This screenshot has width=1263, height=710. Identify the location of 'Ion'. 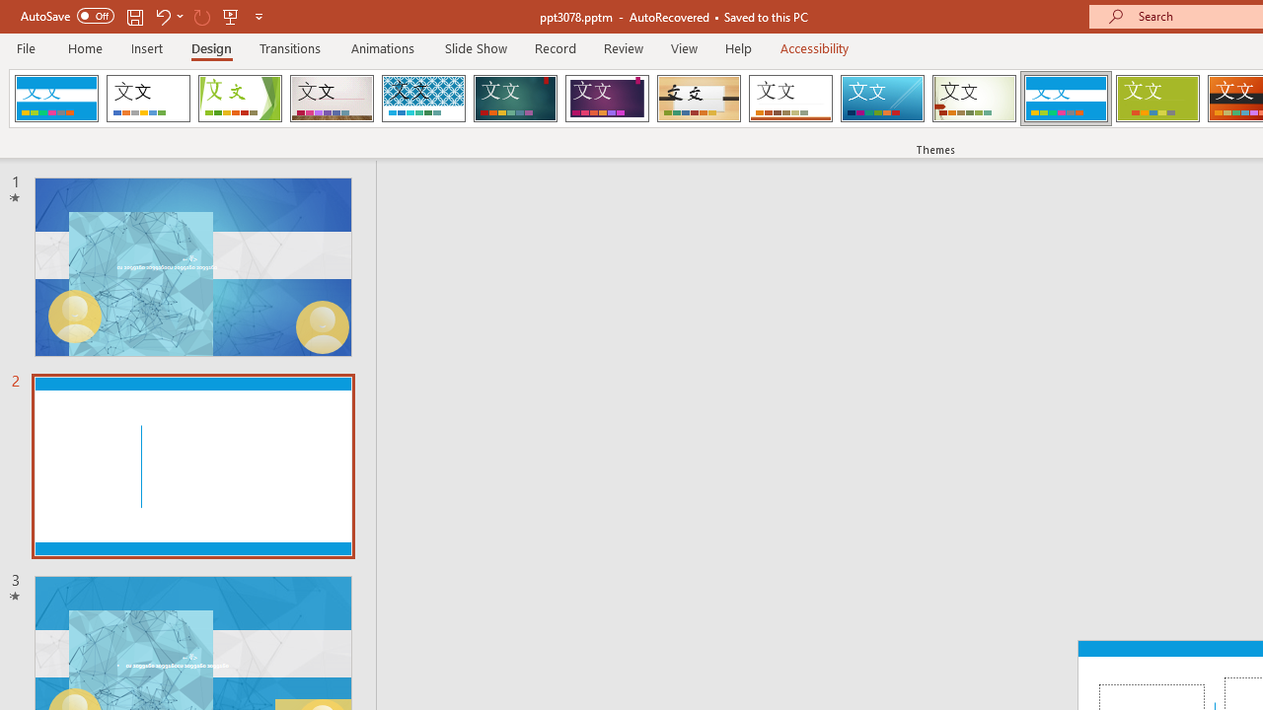
(515, 99).